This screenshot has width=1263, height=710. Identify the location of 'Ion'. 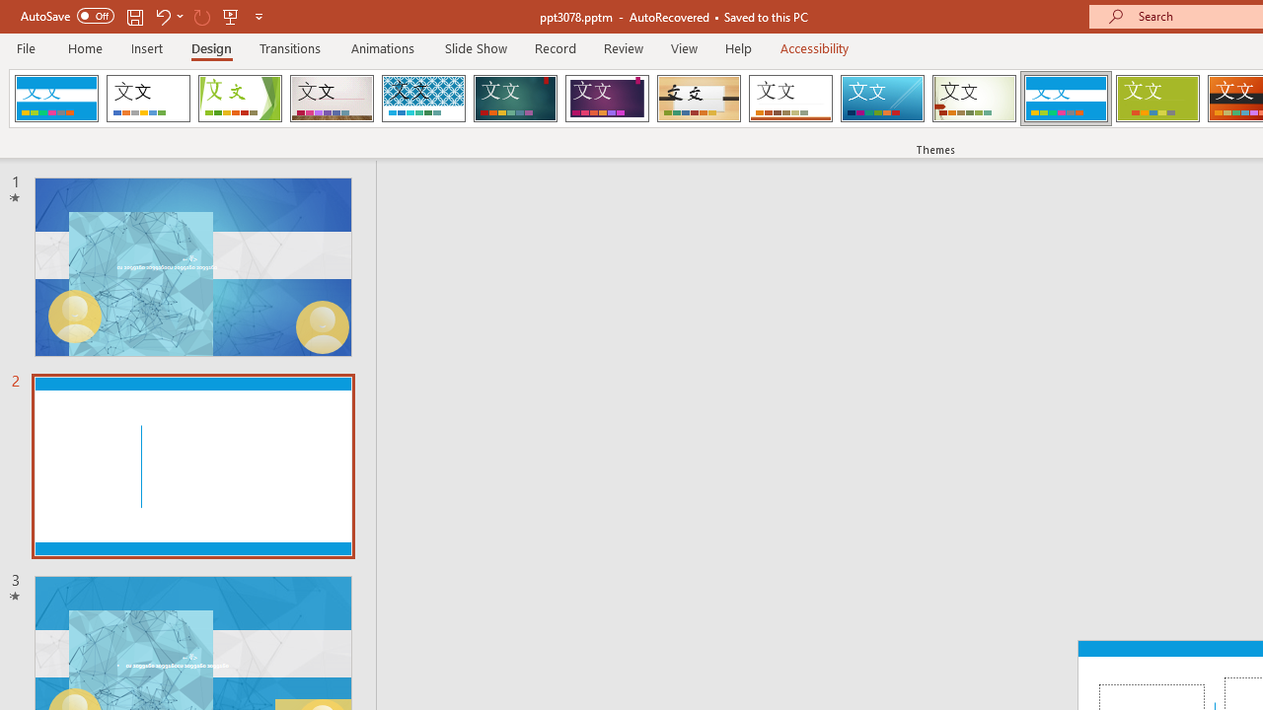
(515, 99).